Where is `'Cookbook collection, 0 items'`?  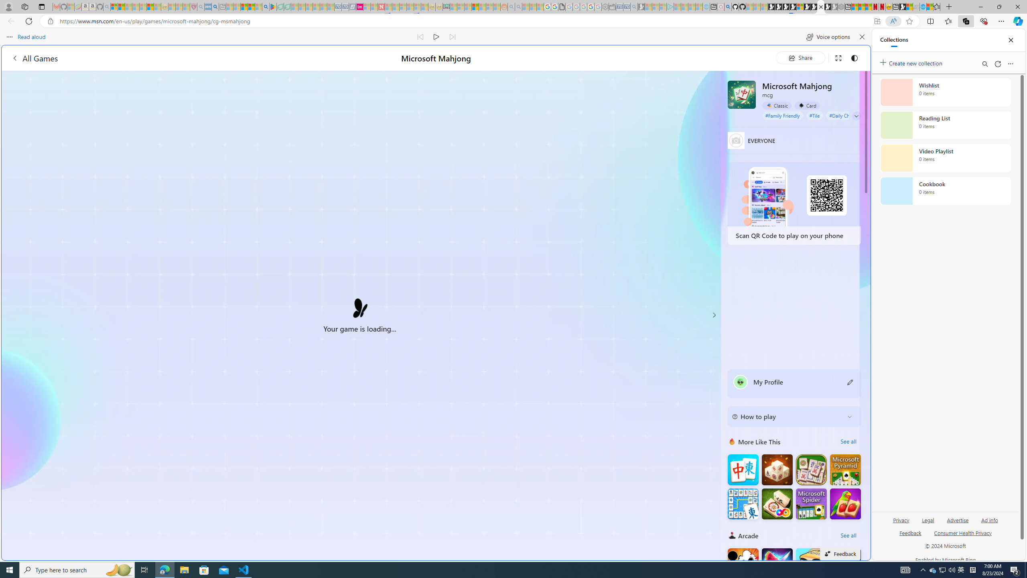
'Cookbook collection, 0 items' is located at coordinates (945, 190).